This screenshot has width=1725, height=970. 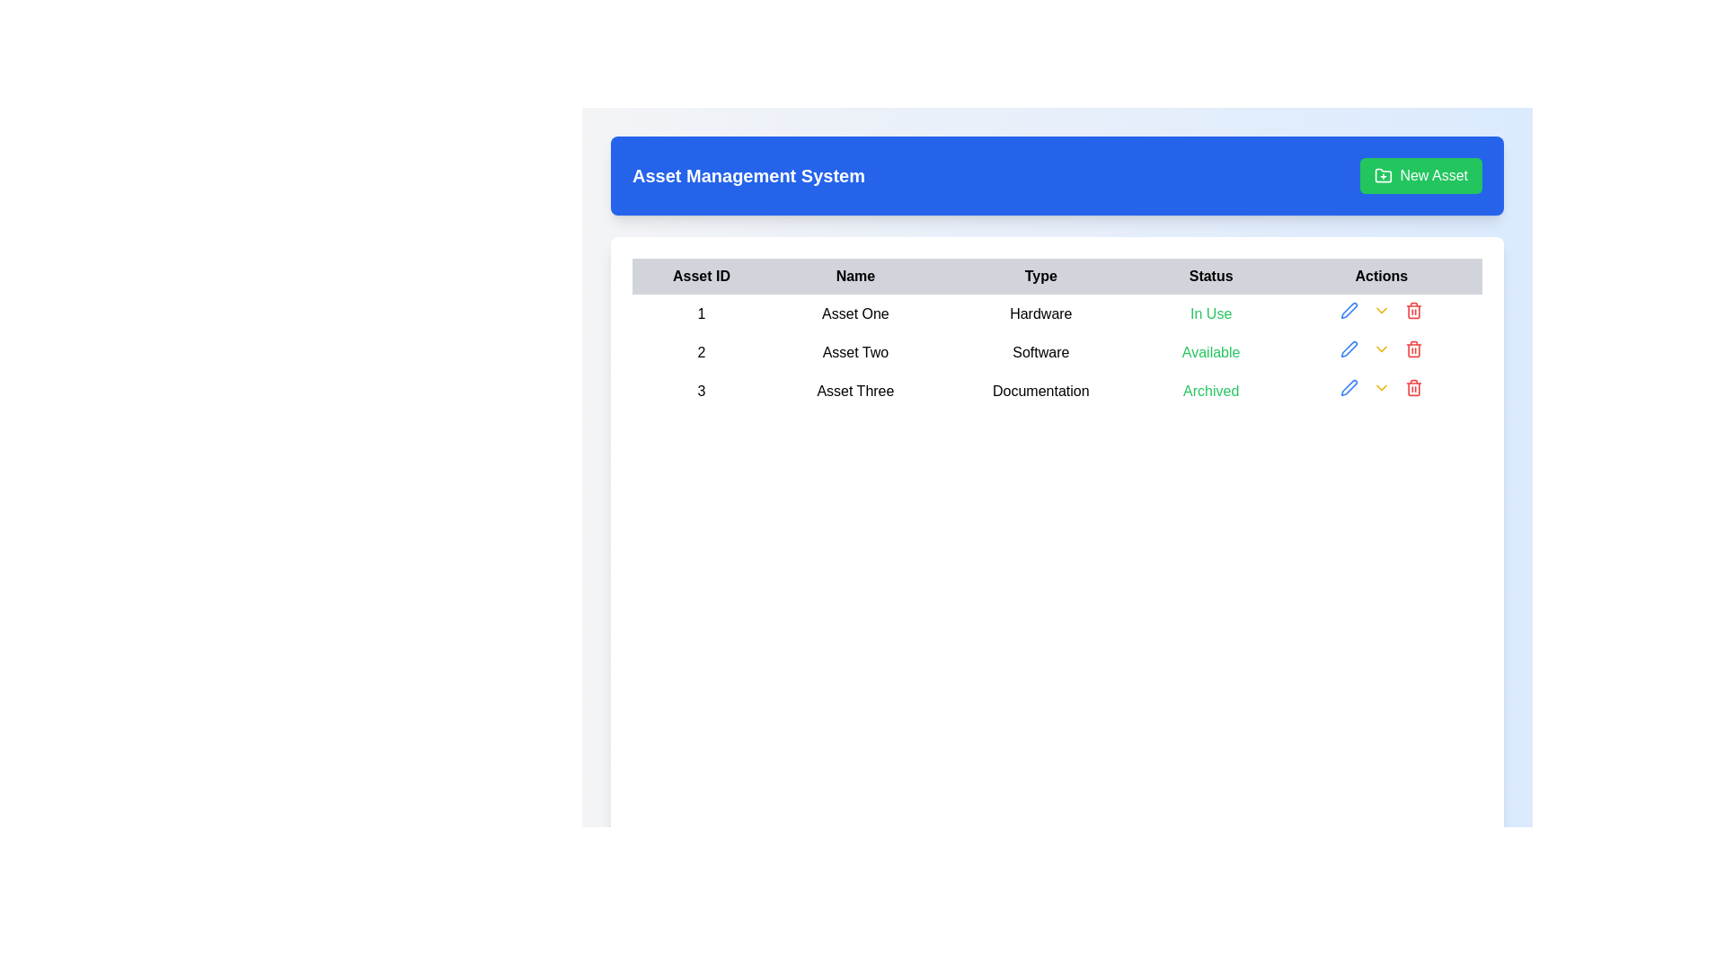 What do you see at coordinates (854, 277) in the screenshot?
I see `the 'Name' column label in the table header, which is positioned in the second column, between 'Asset ID' and 'Type'` at bounding box center [854, 277].